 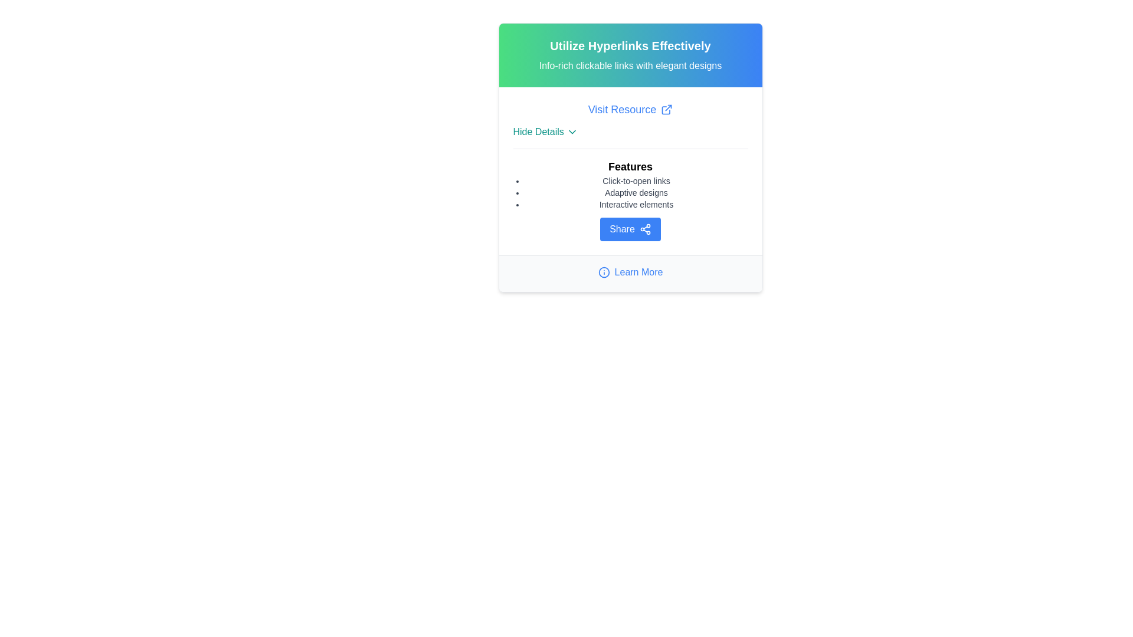 What do you see at coordinates (545, 132) in the screenshot?
I see `the 'Hide Details' toggle button with the right-facing chevron icon` at bounding box center [545, 132].